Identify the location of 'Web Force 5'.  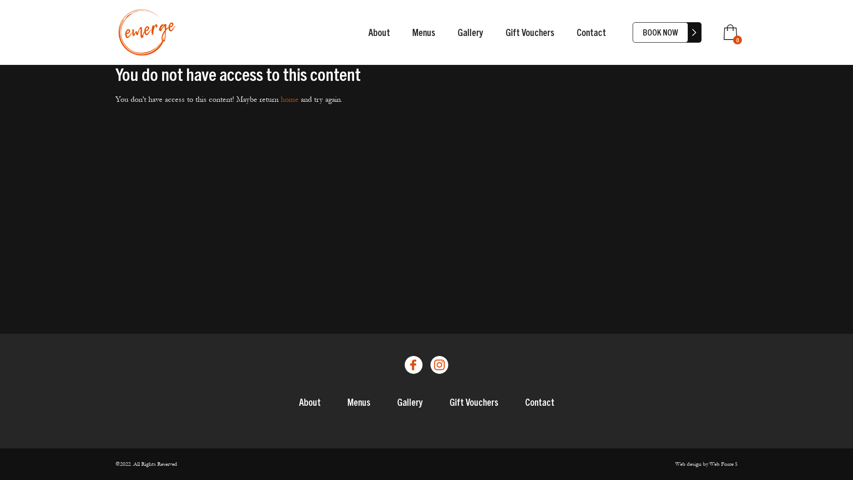
(723, 464).